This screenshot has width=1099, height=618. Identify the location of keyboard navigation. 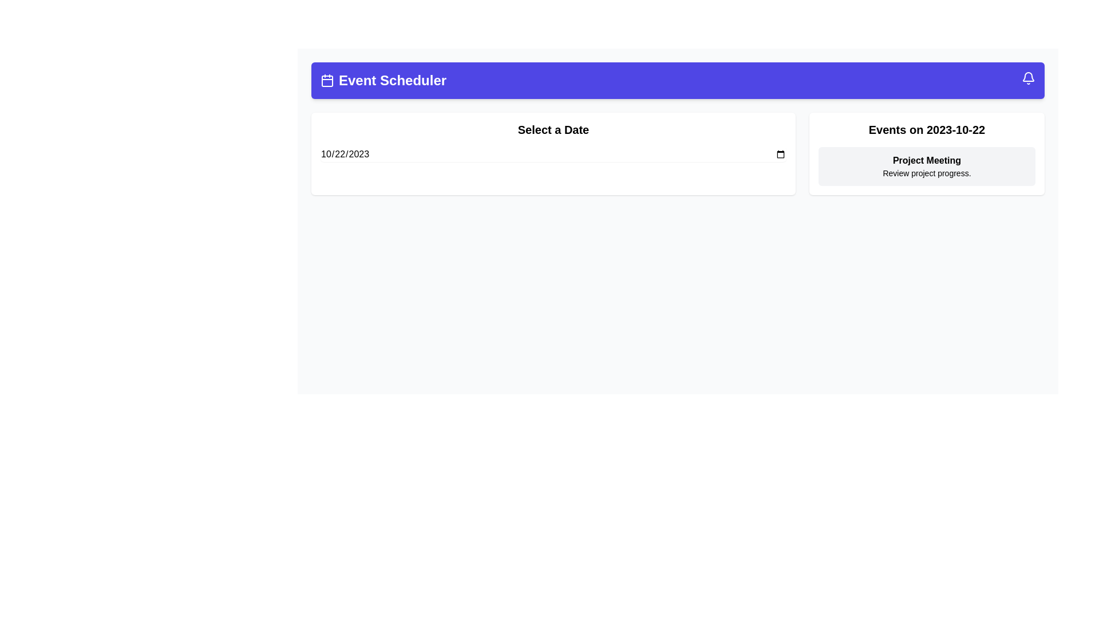
(553, 153).